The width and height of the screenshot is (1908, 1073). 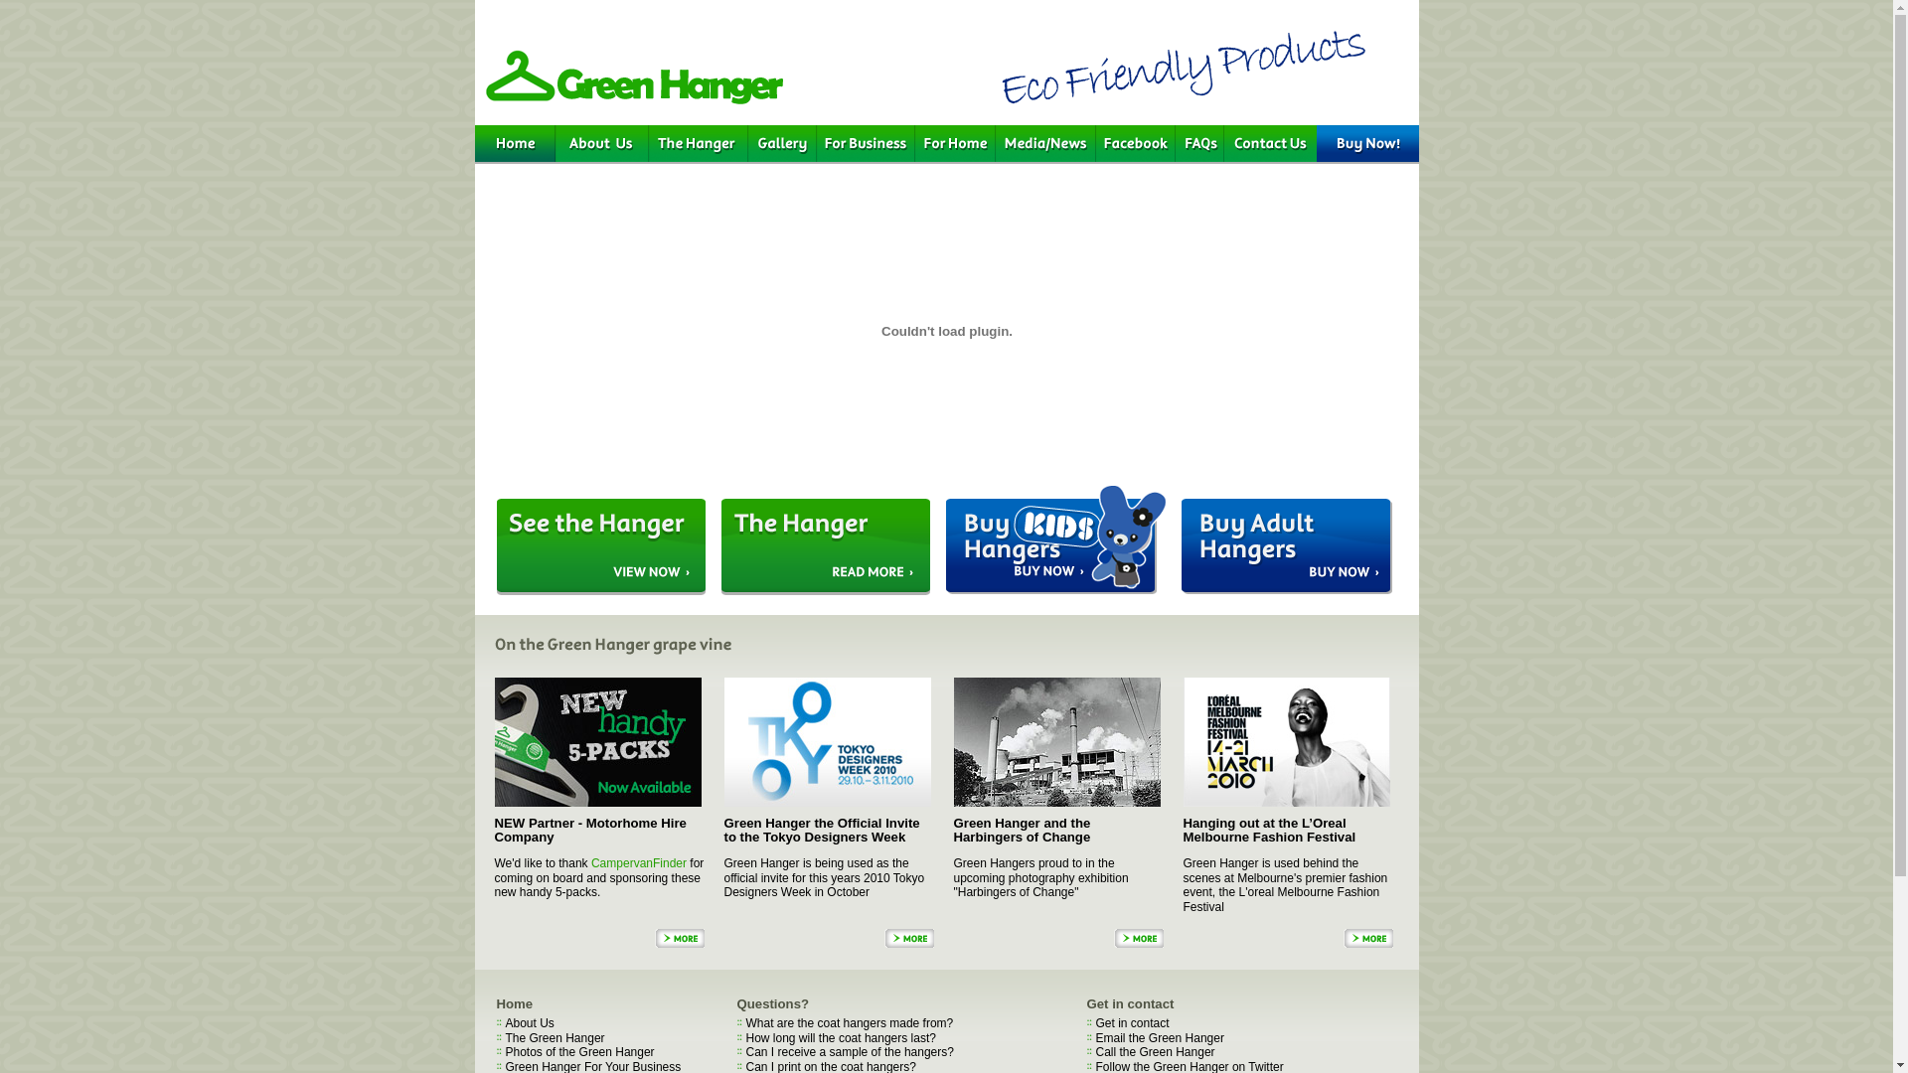 What do you see at coordinates (1044, 143) in the screenshot?
I see `'Media/News'` at bounding box center [1044, 143].